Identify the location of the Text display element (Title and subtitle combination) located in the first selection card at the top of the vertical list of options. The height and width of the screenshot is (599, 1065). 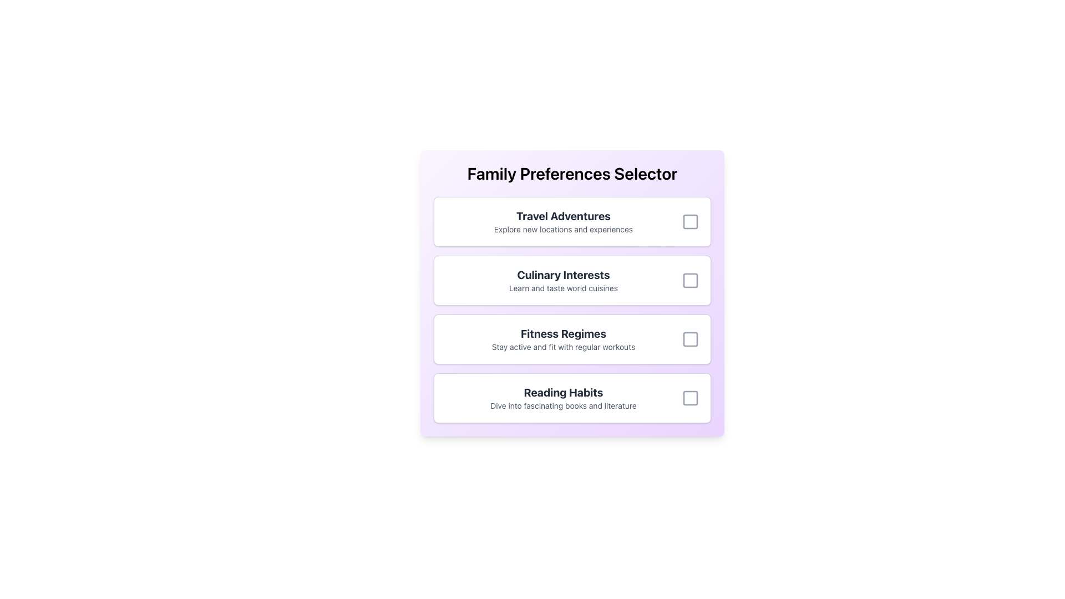
(564, 222).